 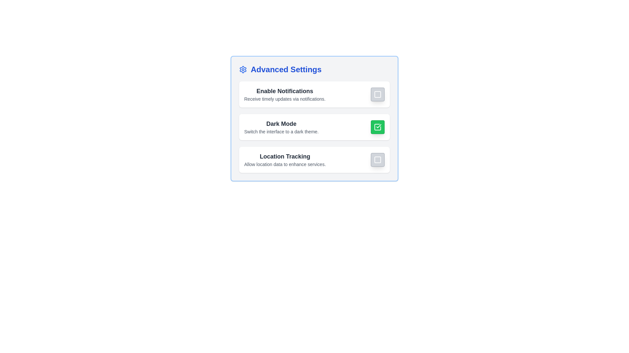 I want to click on the descriptive text label for 'Dark Mode', which provides information about switching the interface to a dark theme and is positioned in the second row of settings, below 'Enable Notifications' and above 'Location Tracking', so click(x=281, y=127).